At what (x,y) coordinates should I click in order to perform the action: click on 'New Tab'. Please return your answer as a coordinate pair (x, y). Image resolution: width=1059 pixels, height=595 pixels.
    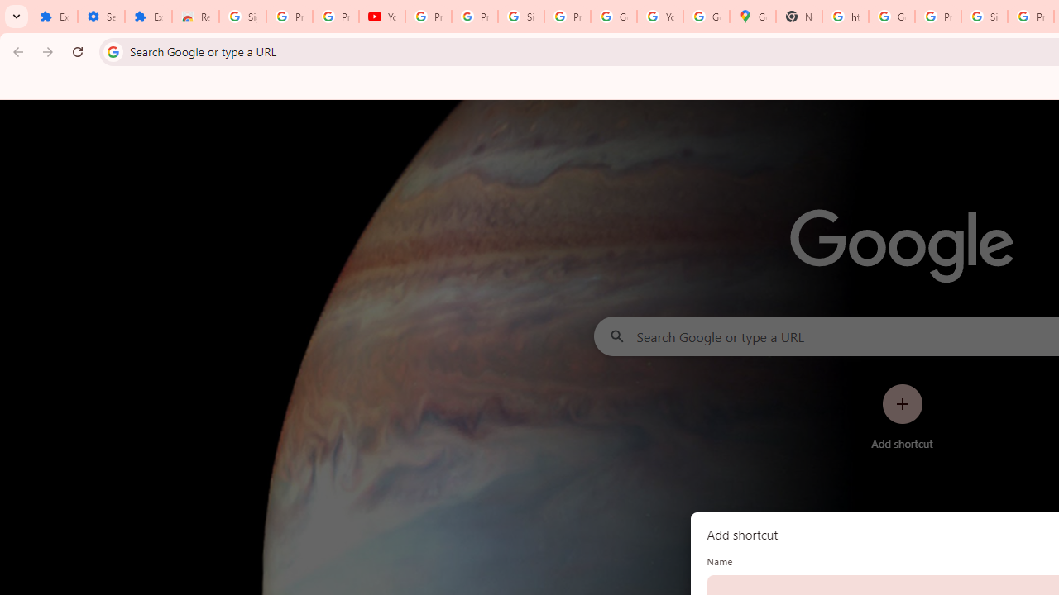
    Looking at the image, I should click on (799, 17).